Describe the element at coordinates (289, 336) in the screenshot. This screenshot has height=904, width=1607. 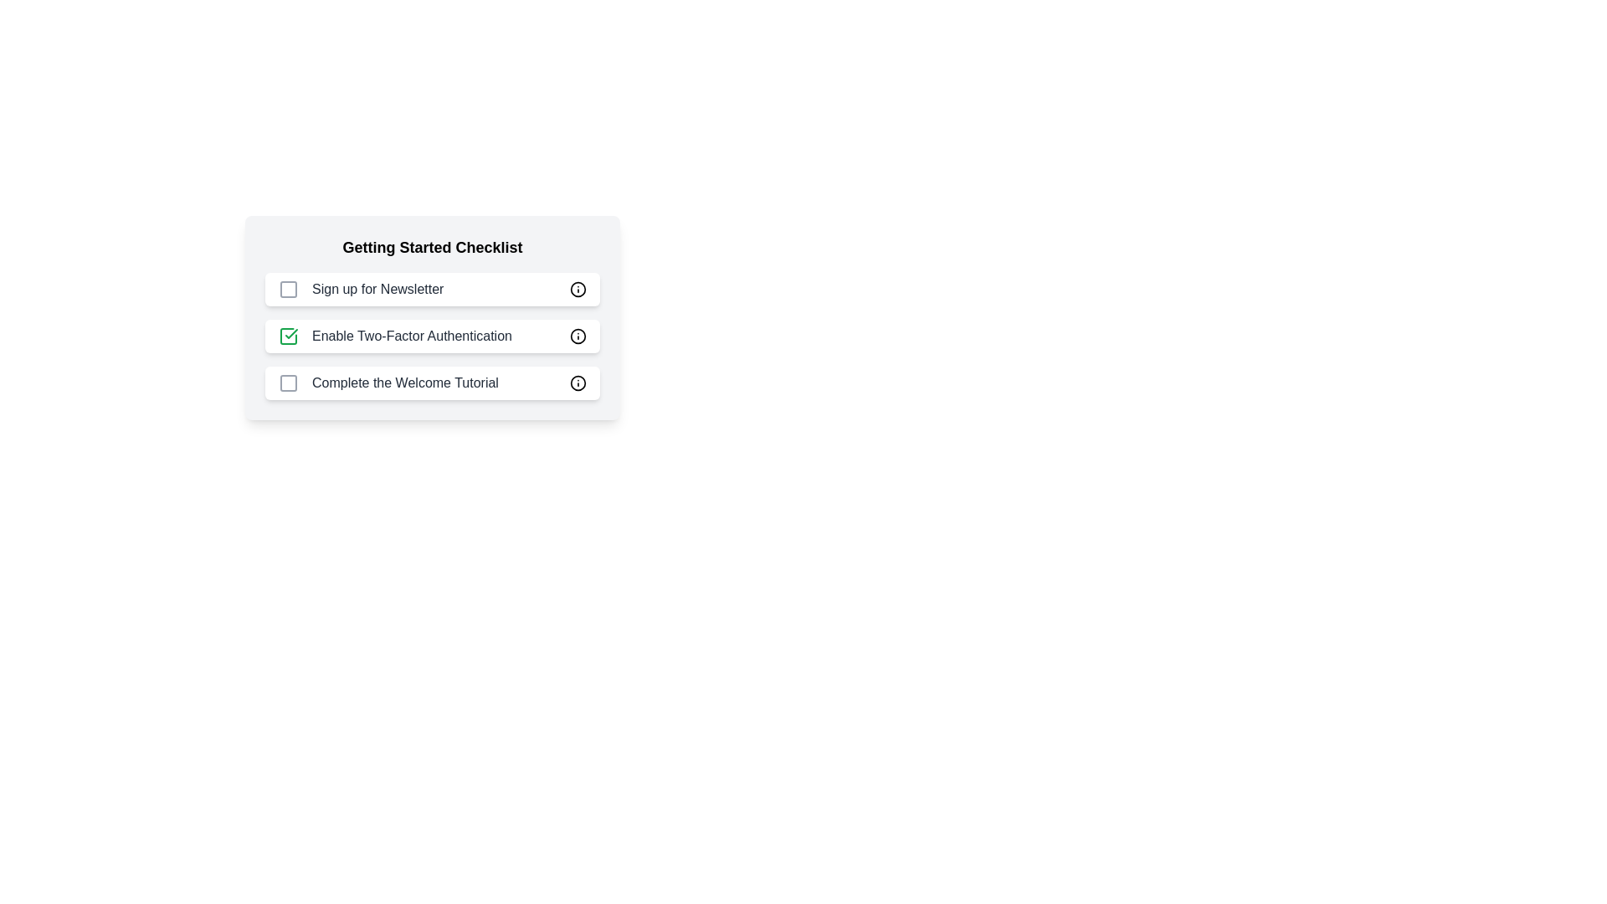
I see `the SVG graphic that indicates the completion of the 'Enable Two-Factor Authentication' task, located immediately to the left of the corresponding text` at that location.